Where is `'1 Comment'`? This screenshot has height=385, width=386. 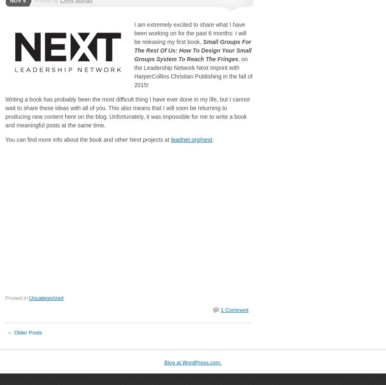
'1 Comment' is located at coordinates (234, 309).